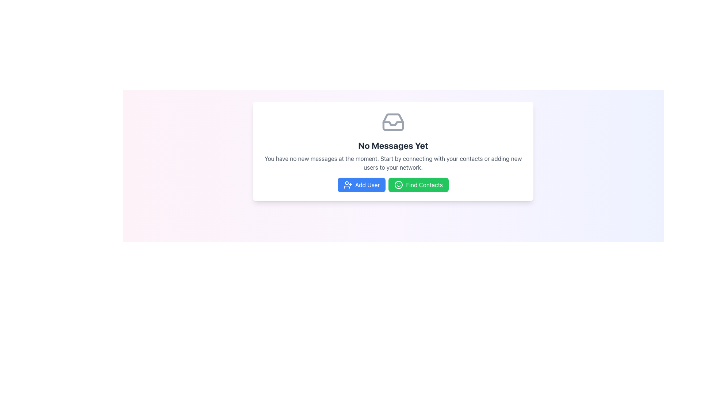  What do you see at coordinates (392, 151) in the screenshot?
I see `the centered text block displaying 'No Messages Yet' to interpret the instructions` at bounding box center [392, 151].